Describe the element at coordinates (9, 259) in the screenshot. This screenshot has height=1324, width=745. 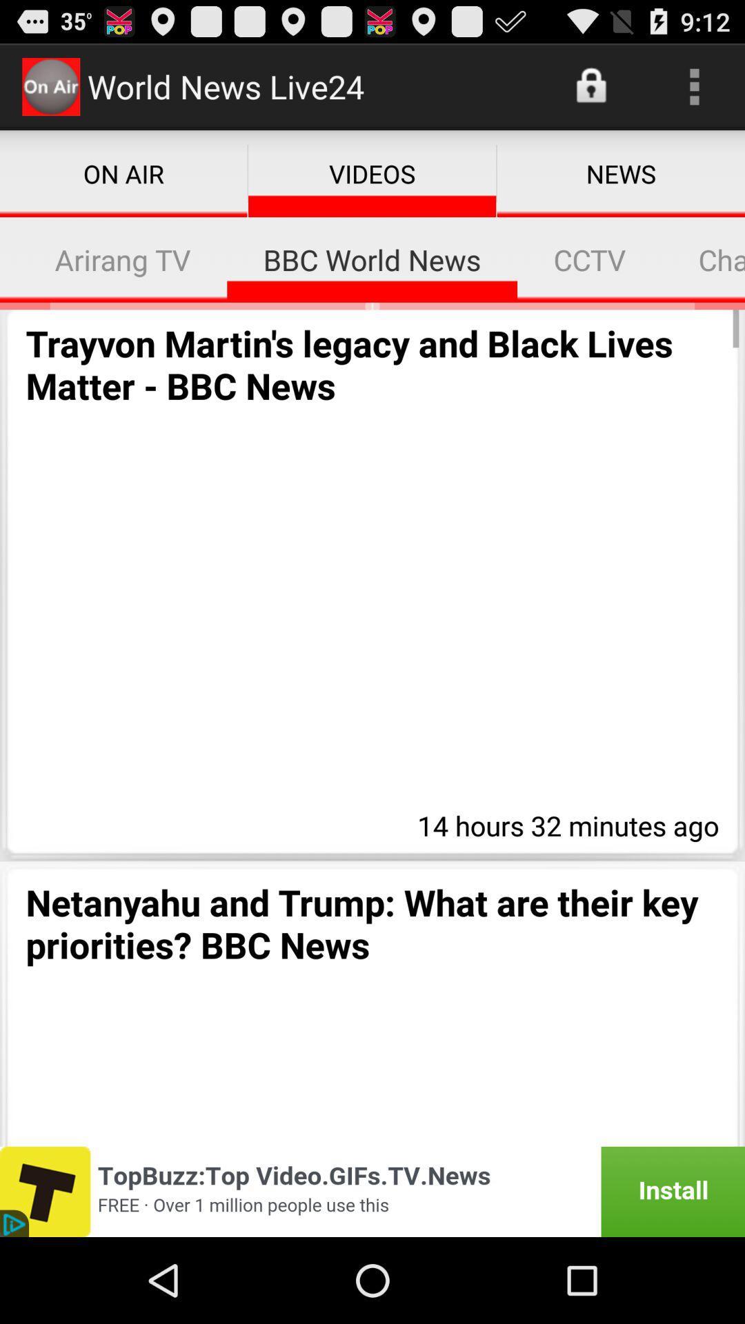
I see `the item above the trayvon martin s` at that location.